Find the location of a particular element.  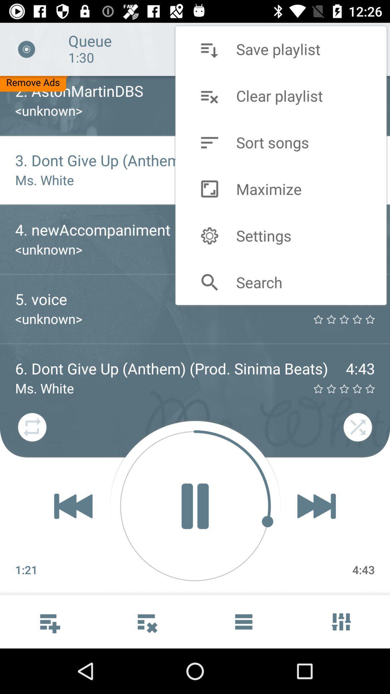

the sliders icon is located at coordinates (341, 621).